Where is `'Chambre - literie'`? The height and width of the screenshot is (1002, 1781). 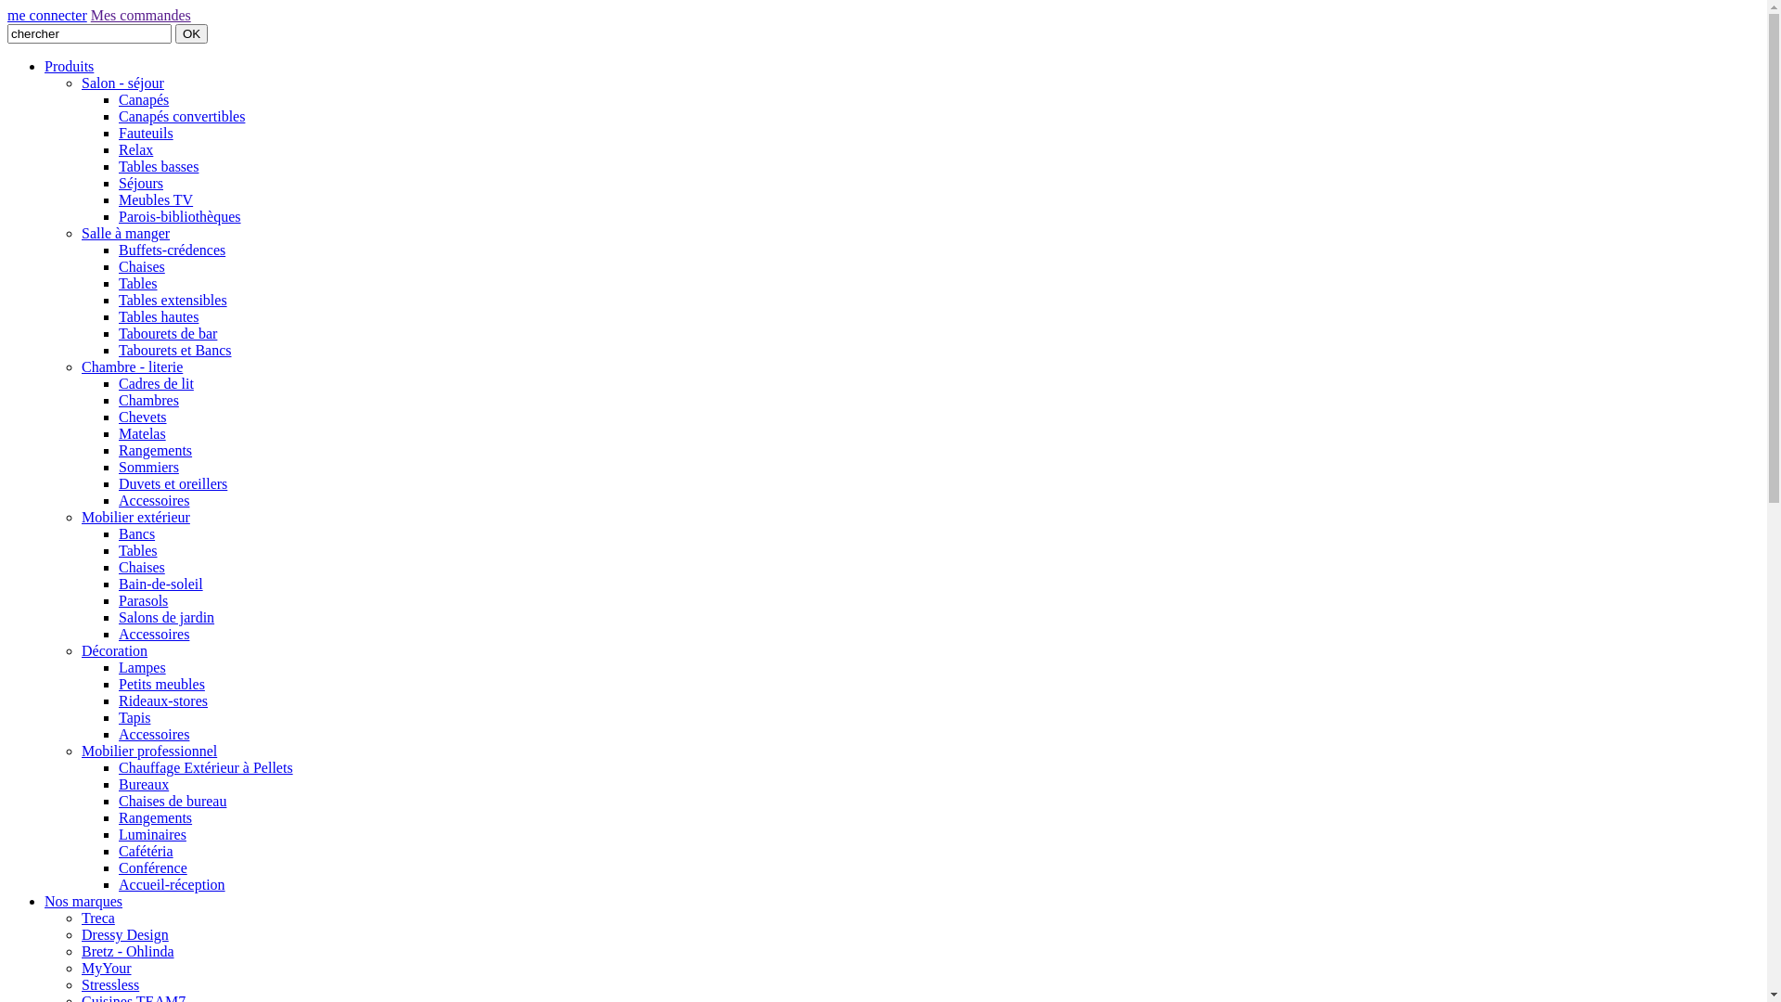
'Chambre - literie' is located at coordinates (131, 366).